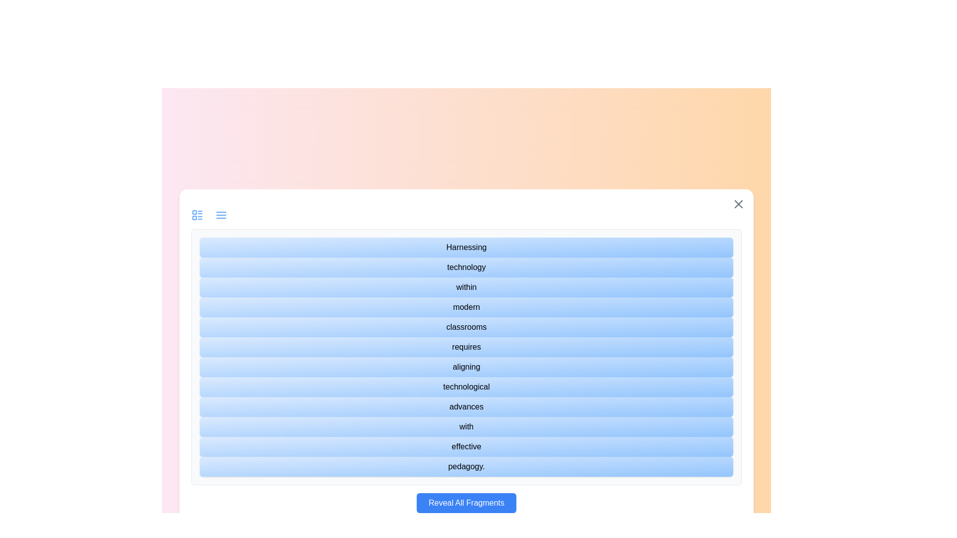  What do you see at coordinates (466, 327) in the screenshot?
I see `the text fragment labeled 'classrooms'` at bounding box center [466, 327].